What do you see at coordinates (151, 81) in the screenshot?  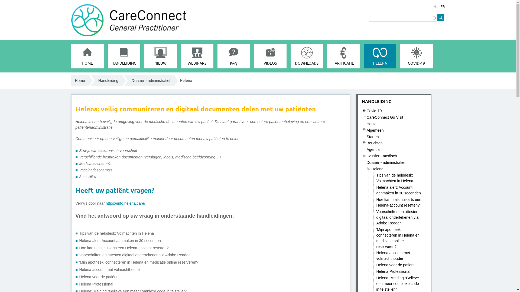 I see `'Dossier - administratief'` at bounding box center [151, 81].